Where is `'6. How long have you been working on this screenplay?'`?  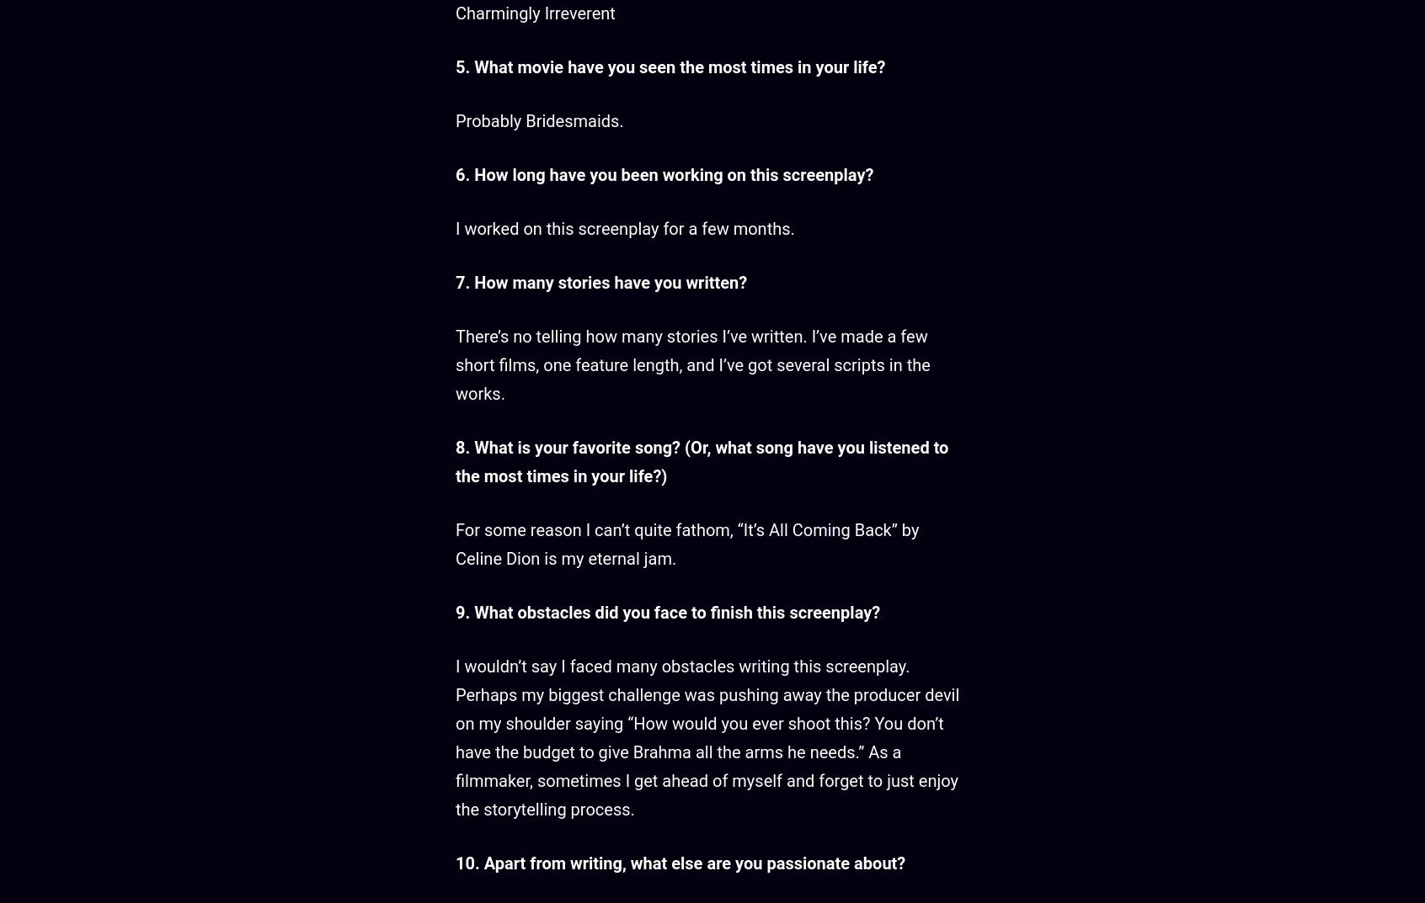
'6. How long have you been working on this screenplay?' is located at coordinates (664, 174).